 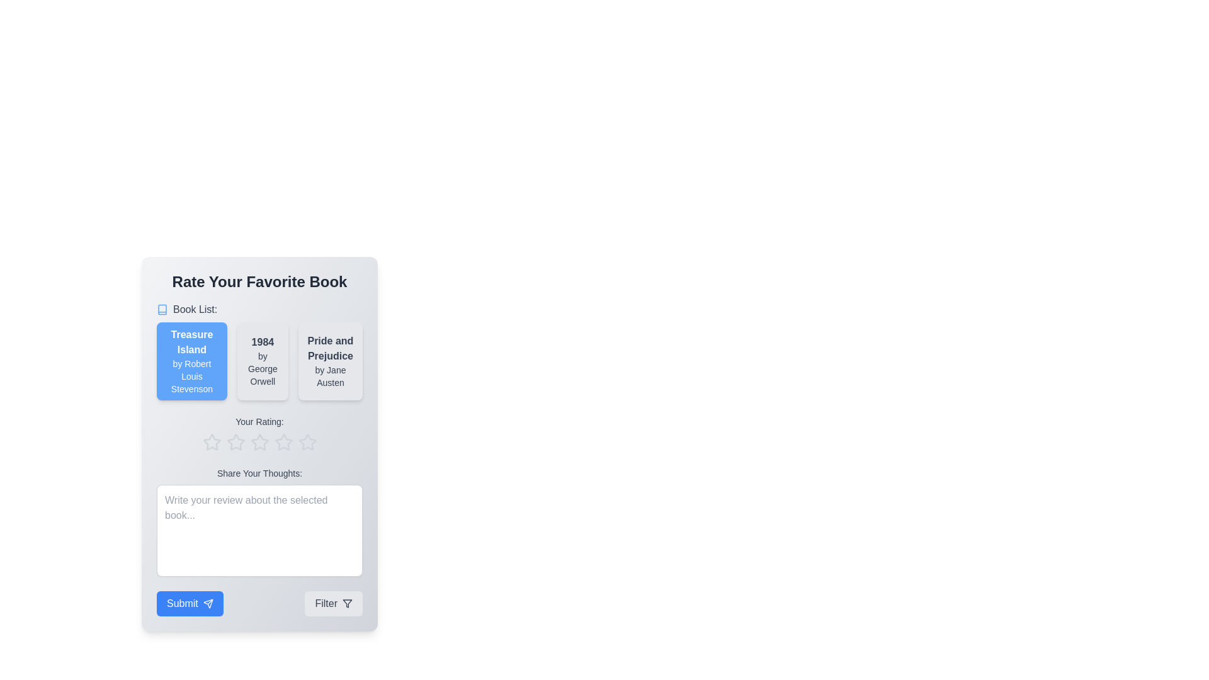 What do you see at coordinates (191, 361) in the screenshot?
I see `the first button in the 'Book List' section to select the book 'Treasure Island' by Robert Louis Stevenson` at bounding box center [191, 361].